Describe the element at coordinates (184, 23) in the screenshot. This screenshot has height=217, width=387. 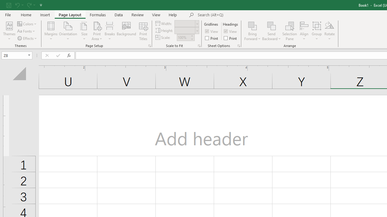
I see `'Width'` at that location.